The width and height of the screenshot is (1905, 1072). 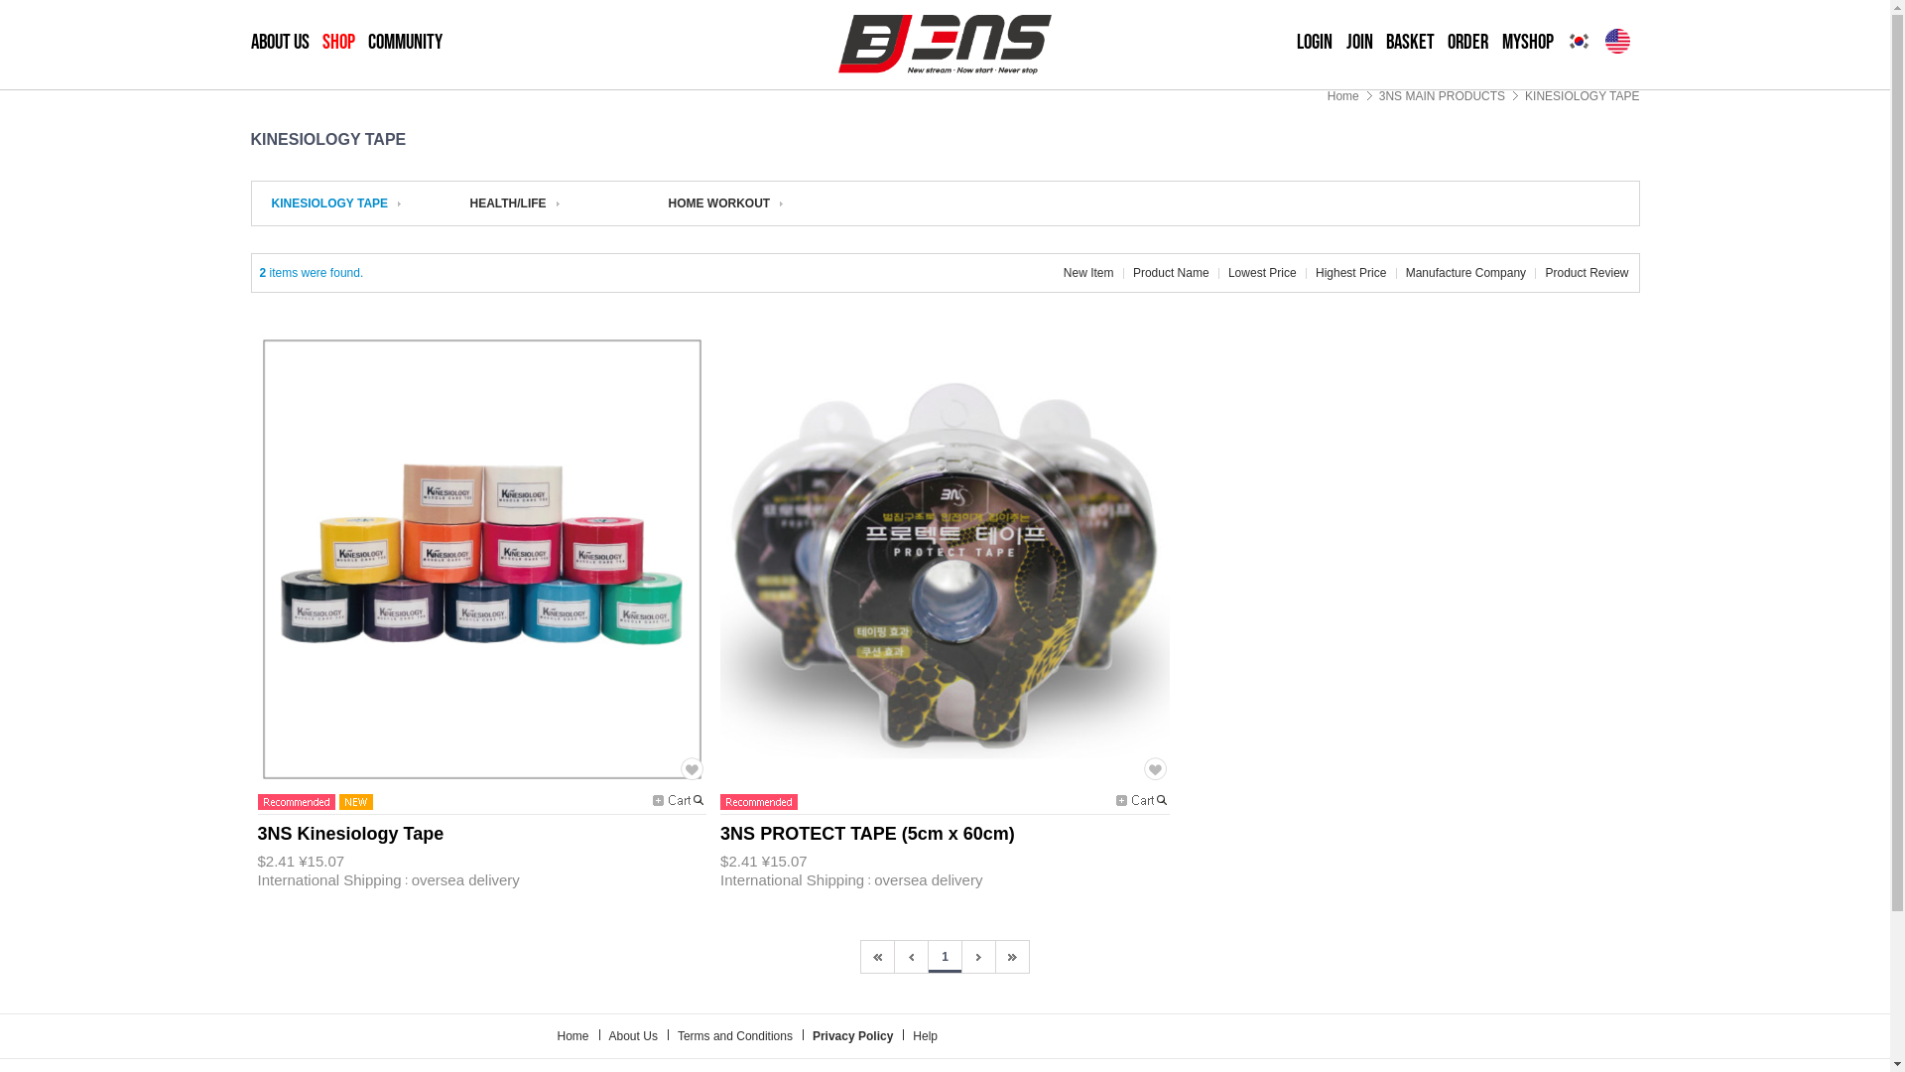 I want to click on 'KINESIOLOGY TAPE', so click(x=336, y=202).